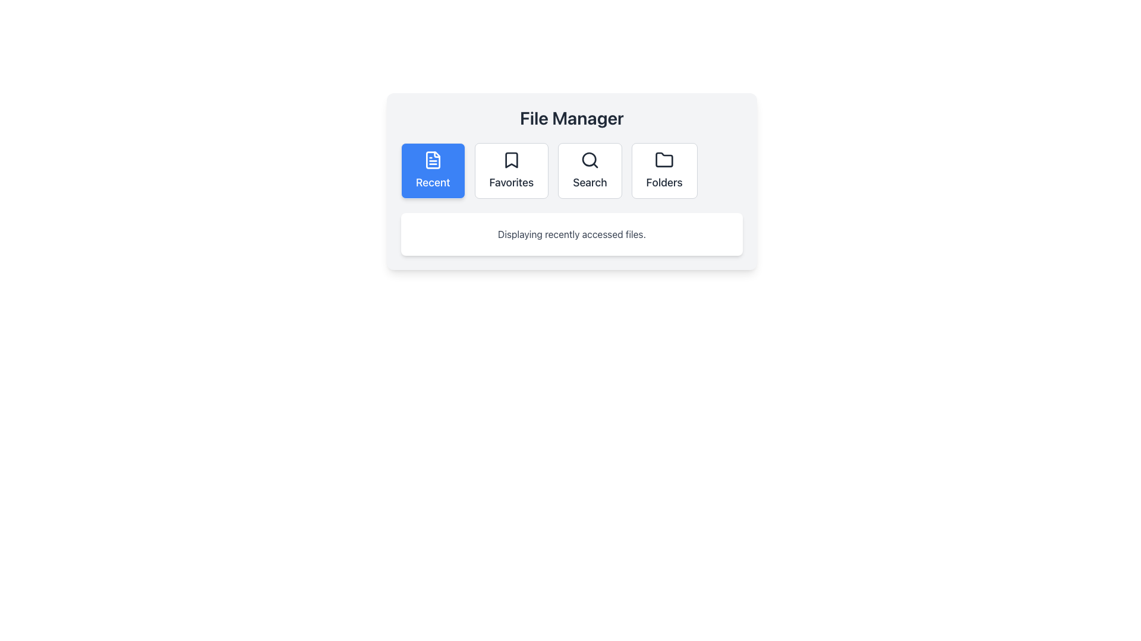 This screenshot has width=1141, height=641. Describe the element at coordinates (590, 183) in the screenshot. I see `the 'Search' text label in the 'File Manager' interface, which is styled with a dark gray font color and is the third element in a set of four options` at that location.